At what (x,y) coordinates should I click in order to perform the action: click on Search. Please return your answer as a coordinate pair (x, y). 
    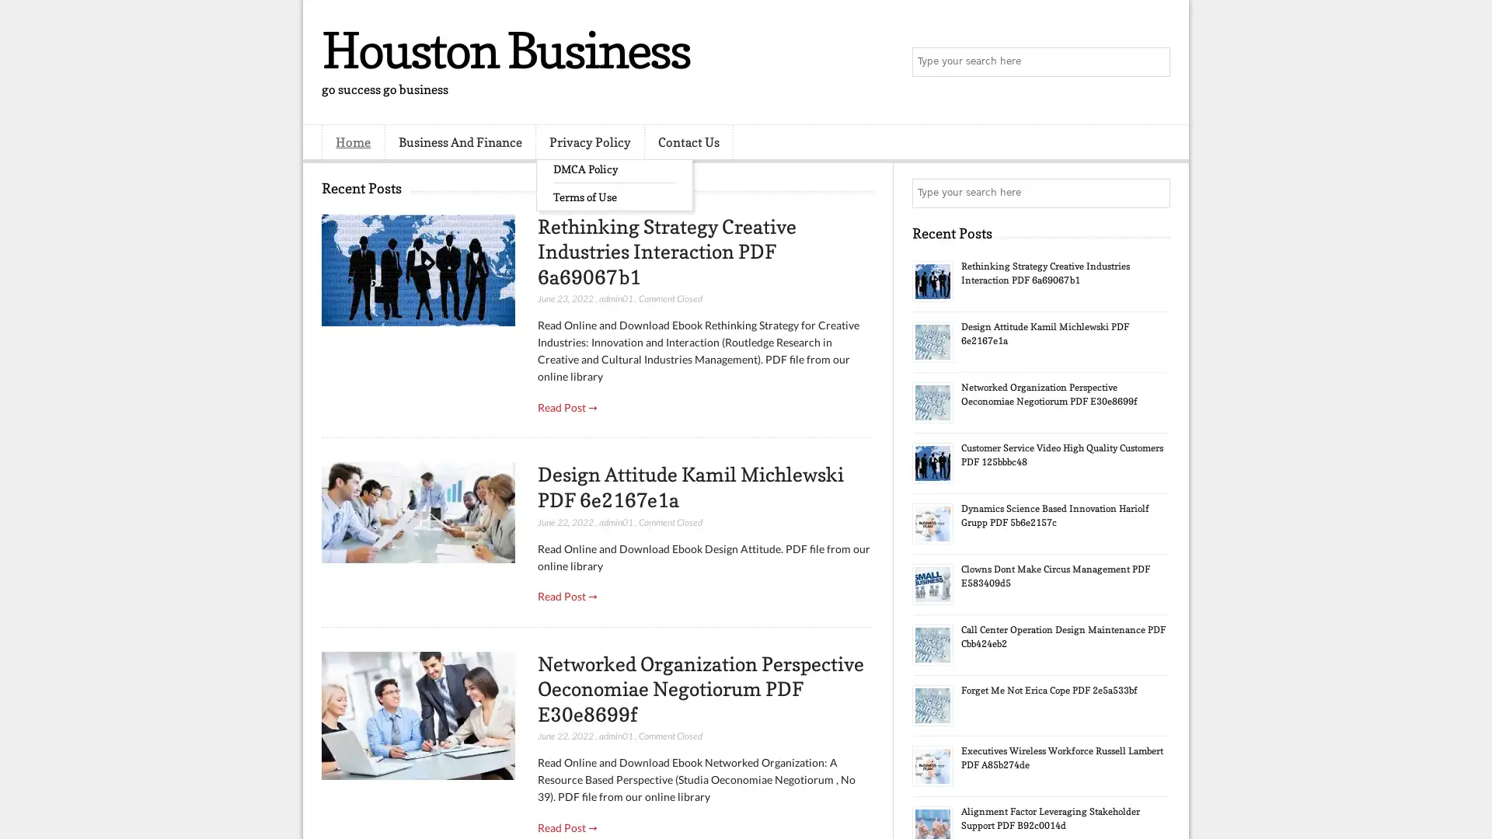
    Looking at the image, I should click on (1154, 193).